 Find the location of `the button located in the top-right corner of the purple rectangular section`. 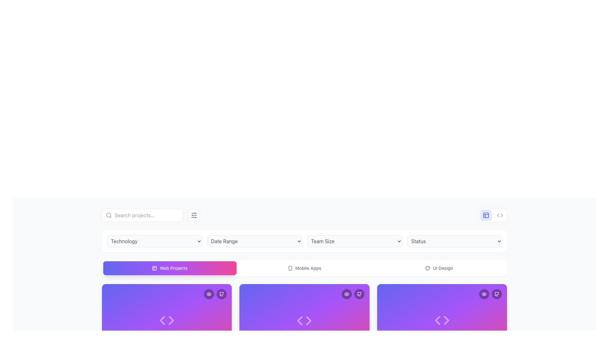

the button located in the top-right corner of the purple rectangular section is located at coordinates (209, 294).